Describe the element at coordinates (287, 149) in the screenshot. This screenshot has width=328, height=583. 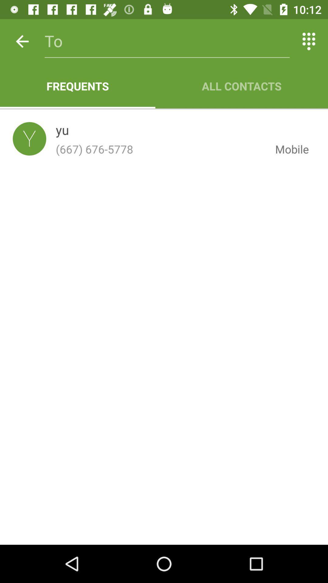
I see `item next to (667) 676-5778 item` at that location.